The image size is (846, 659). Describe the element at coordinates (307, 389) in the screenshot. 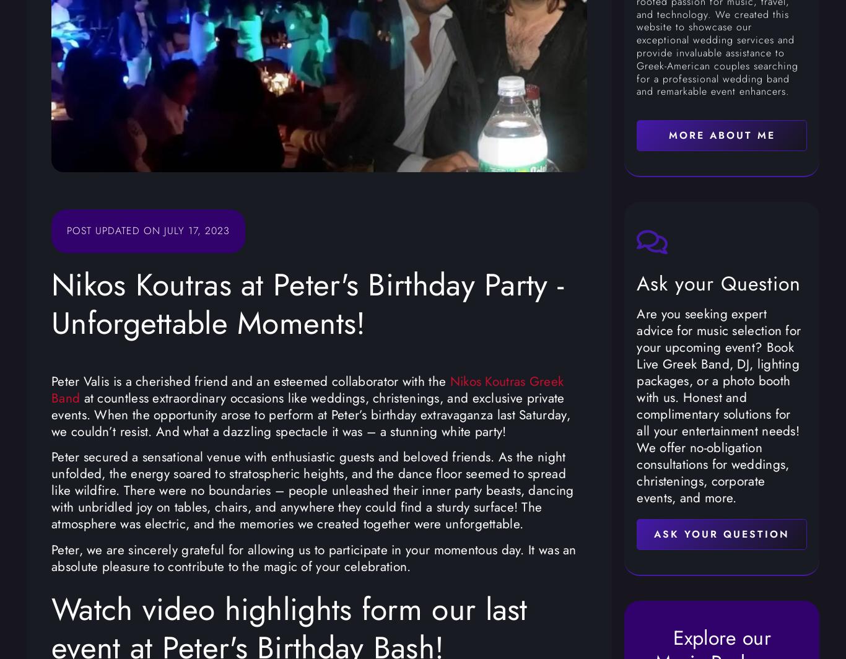

I see `'Nikos Koutras Greek Band'` at that location.